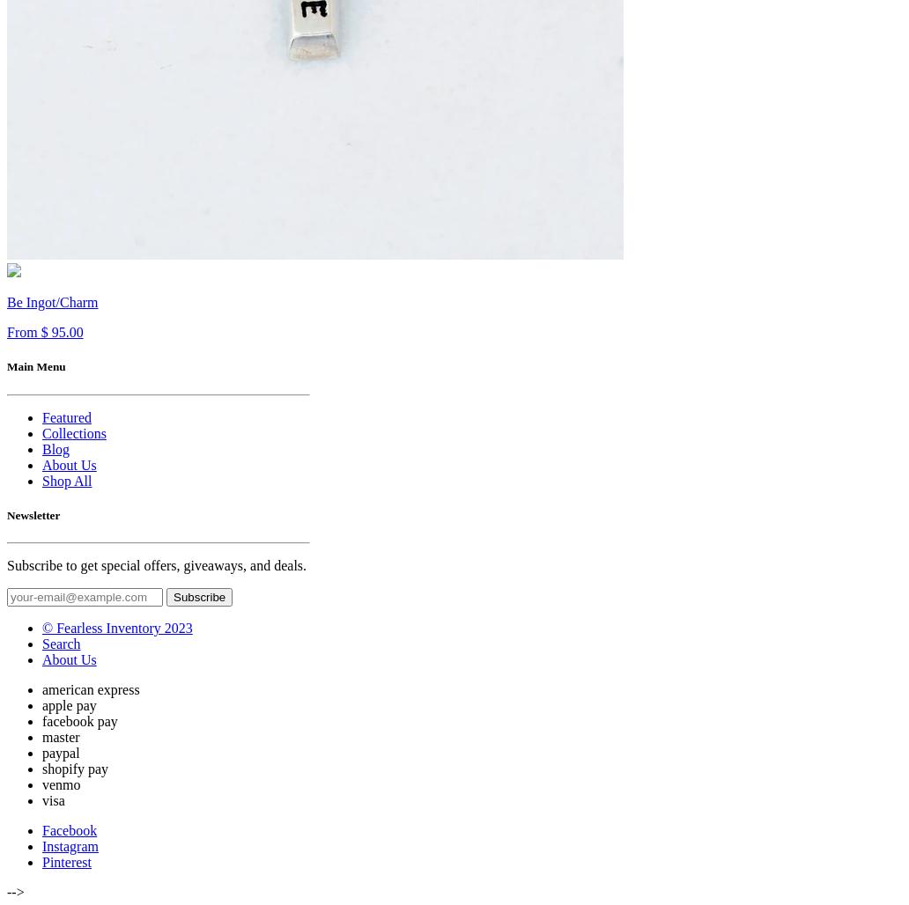 The height and width of the screenshot is (905, 909). I want to click on 'Subscribe to get special offers,  giveaways, and  deals.', so click(156, 563).